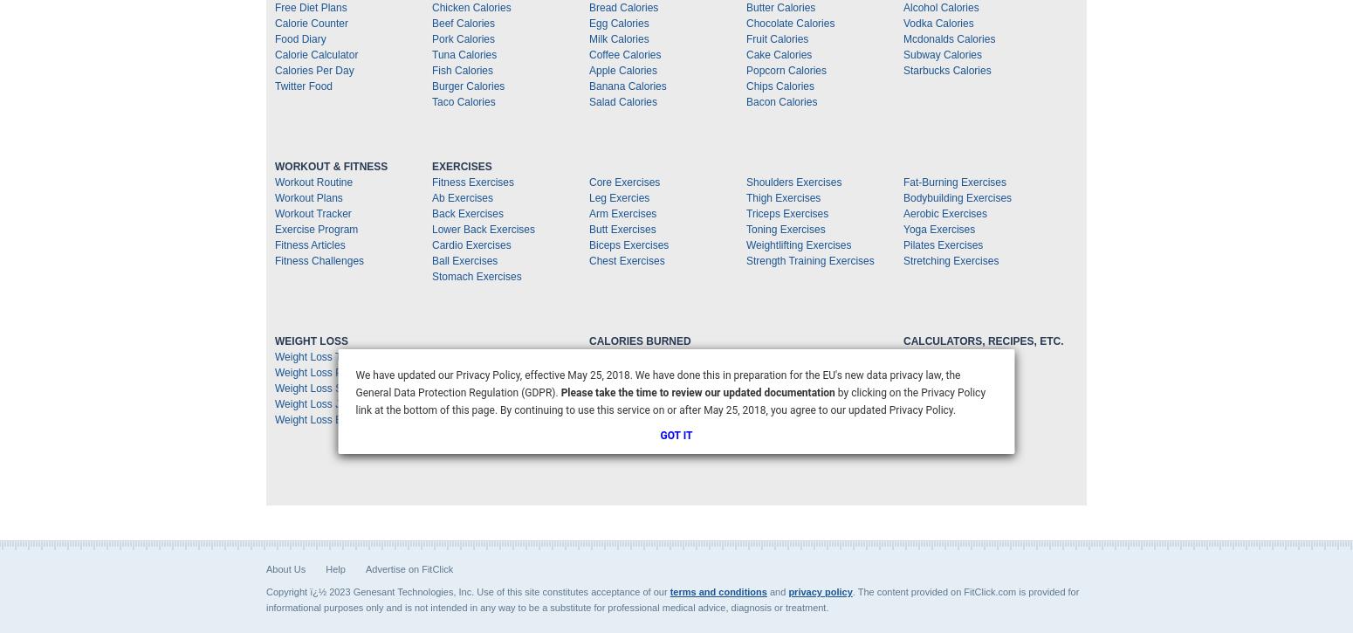 The height and width of the screenshot is (633, 1353). I want to click on 'Calories Burned Yoga', so click(745, 388).